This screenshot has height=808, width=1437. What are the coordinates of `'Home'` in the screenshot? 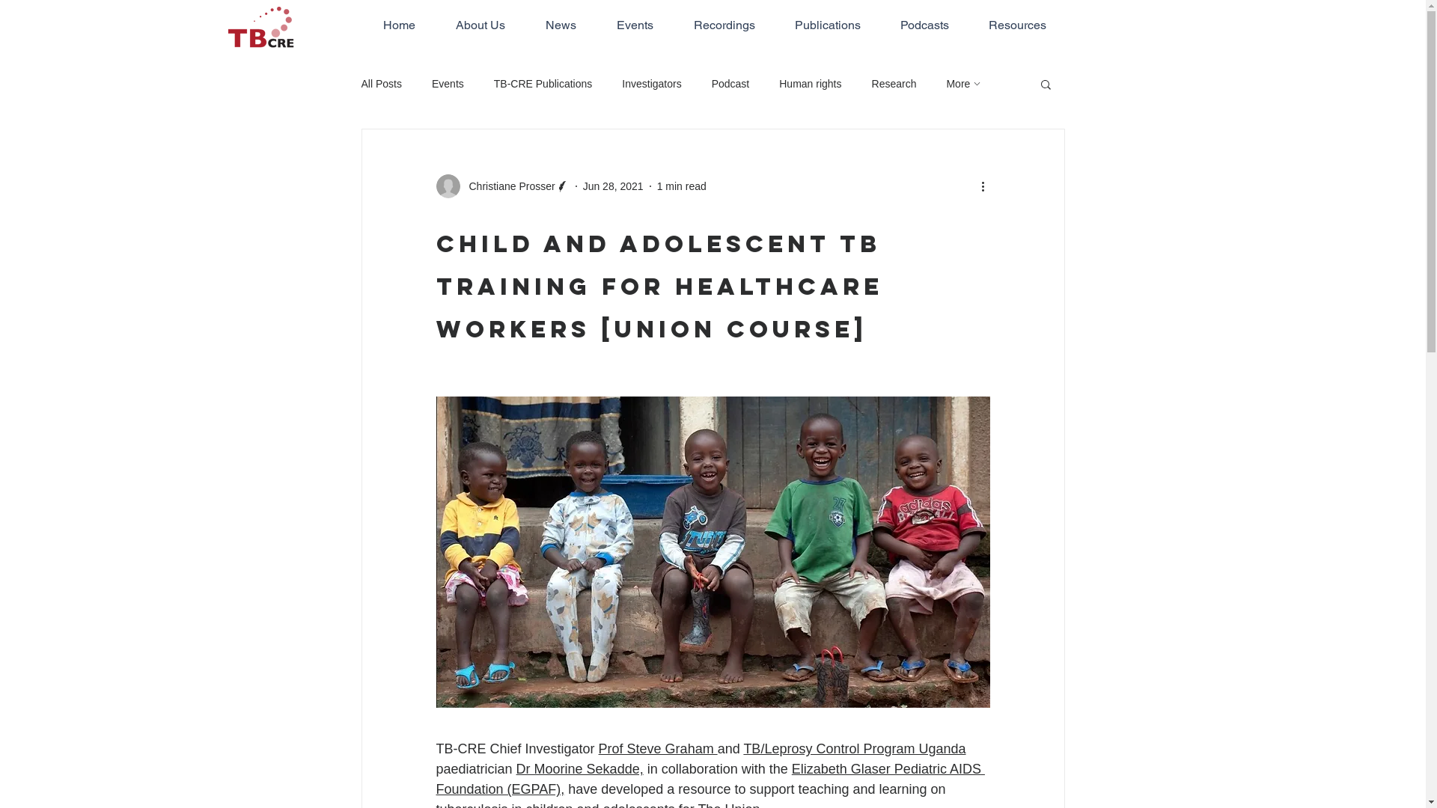 It's located at (399, 25).